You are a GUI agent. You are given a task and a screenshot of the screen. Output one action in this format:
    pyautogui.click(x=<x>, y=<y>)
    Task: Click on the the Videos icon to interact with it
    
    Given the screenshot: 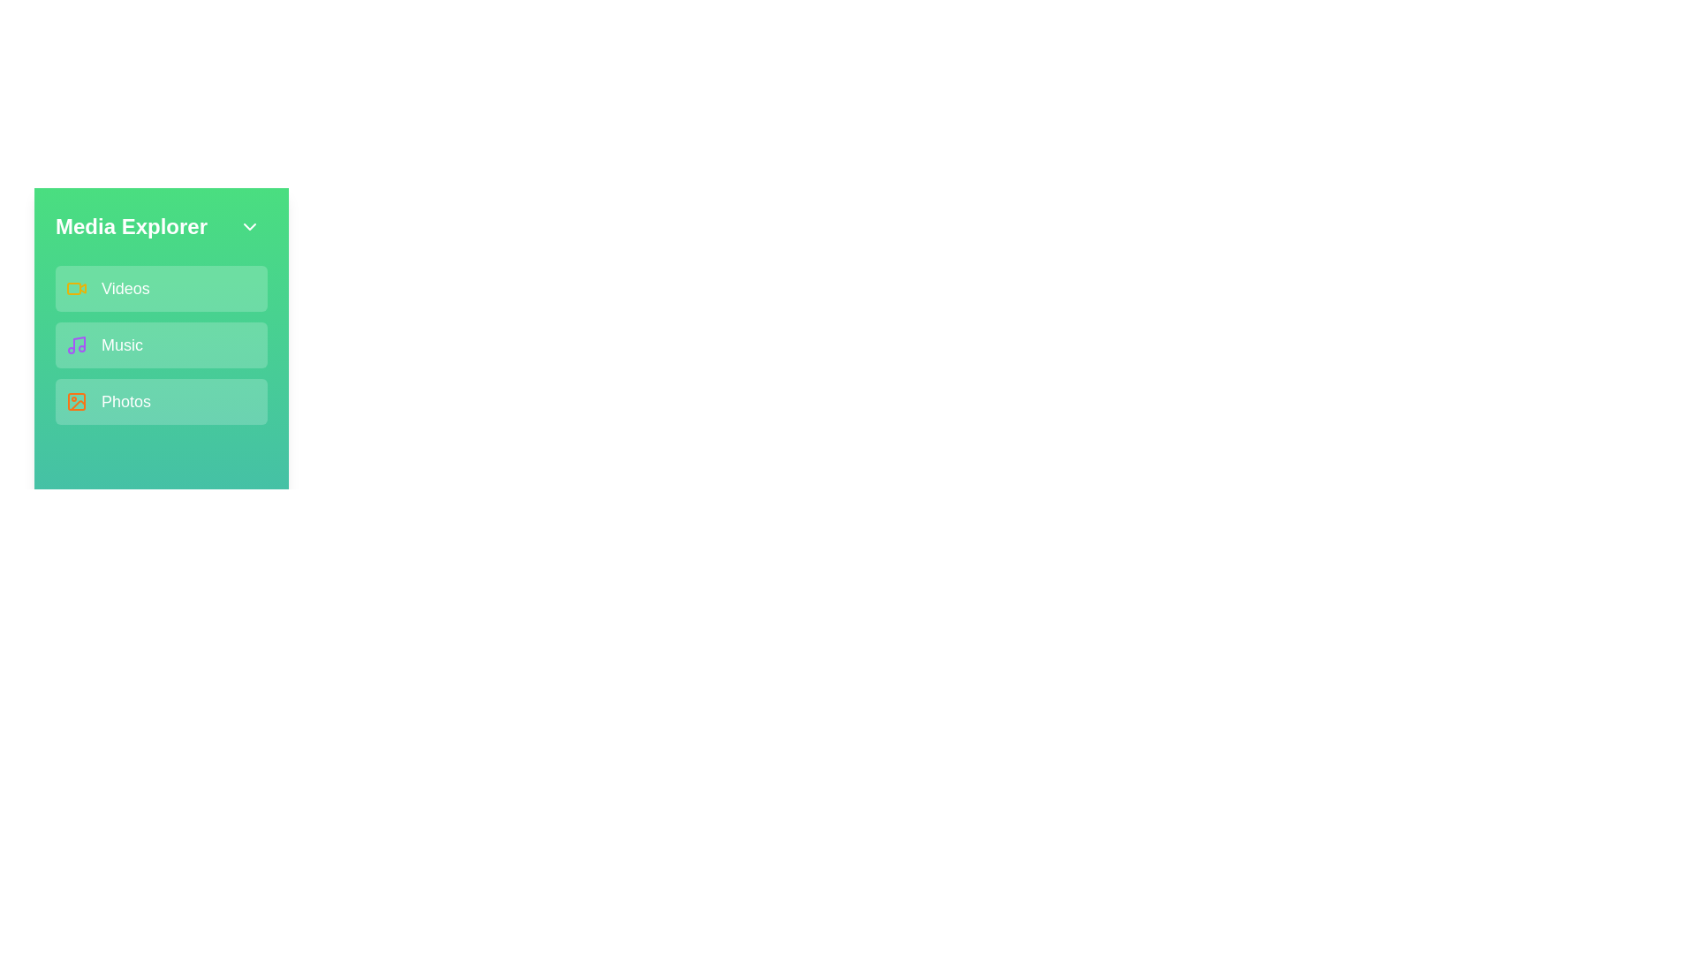 What is the action you would take?
    pyautogui.click(x=75, y=288)
    